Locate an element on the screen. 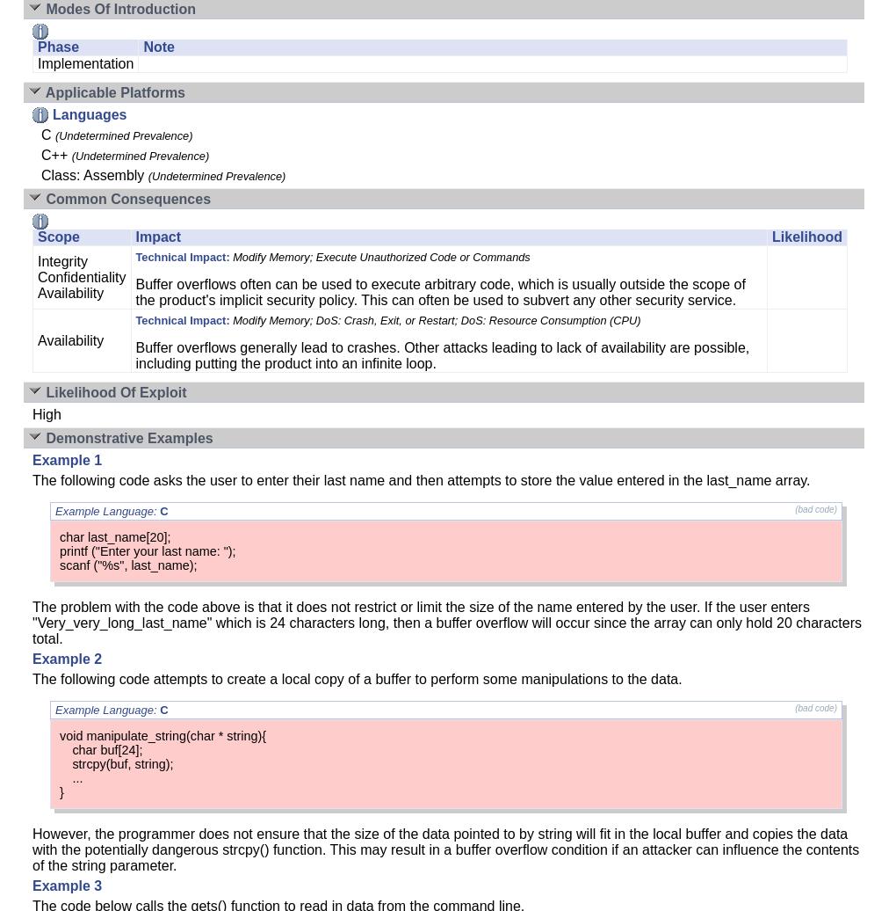  'The problem with the code above is that it does not restrict or limit the size of the name entered by the user. If the user enters "Very_very_long_last_name" which is 24 characters long, then a buffer overflow will occur since the array can only hold 20 characters total.' is located at coordinates (446, 623).